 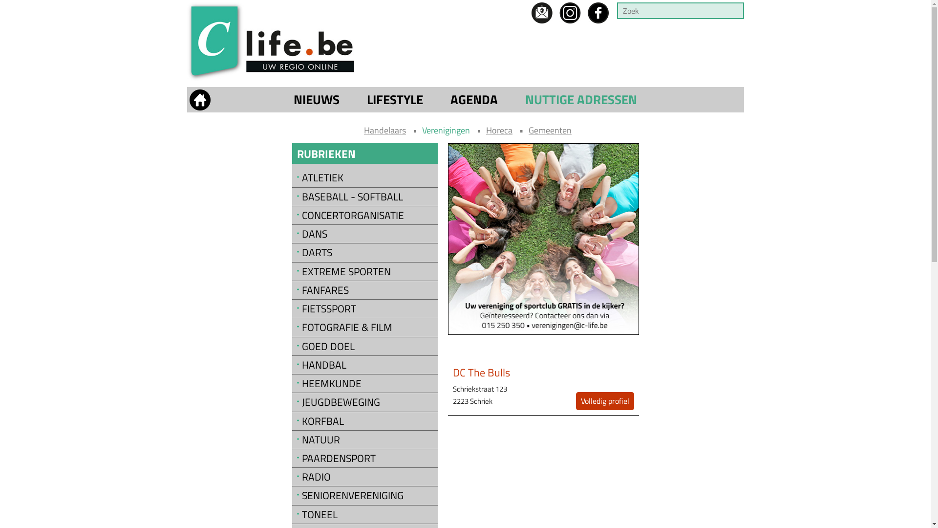 I want to click on 'ATLETIEK', so click(x=297, y=177).